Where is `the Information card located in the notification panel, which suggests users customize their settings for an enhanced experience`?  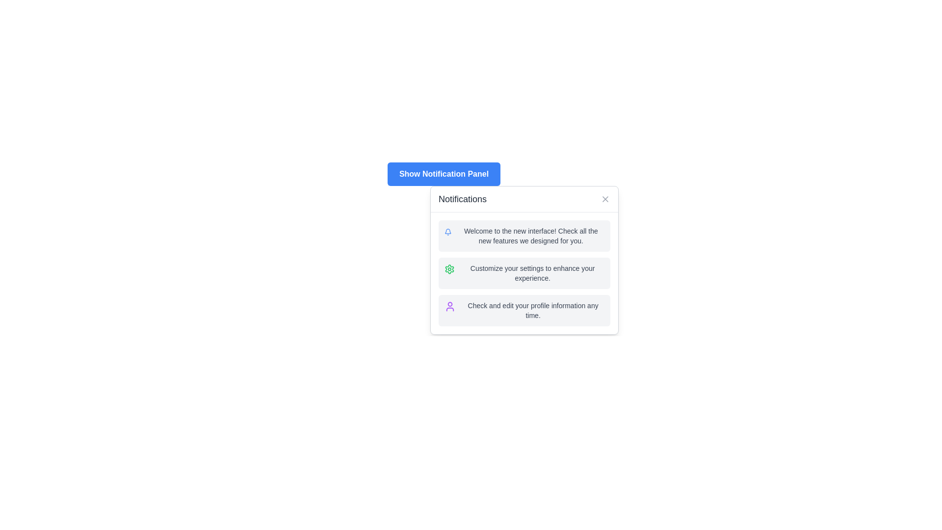 the Information card located in the notification panel, which suggests users customize their settings for an enhanced experience is located at coordinates (524, 273).